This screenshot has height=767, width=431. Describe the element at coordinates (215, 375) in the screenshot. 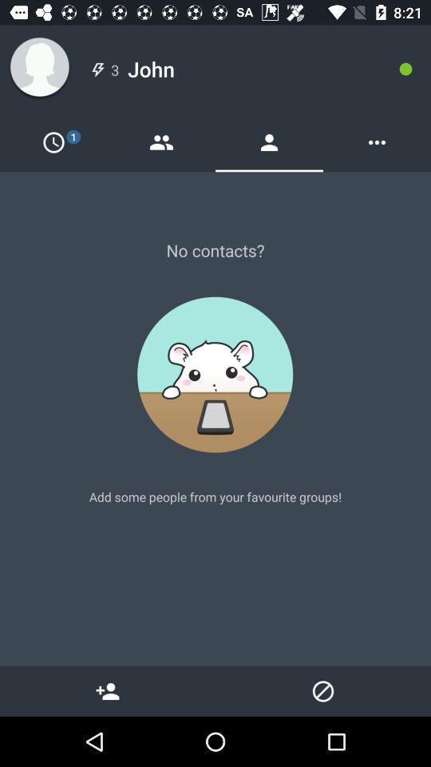

I see `the image at the center of the page` at that location.